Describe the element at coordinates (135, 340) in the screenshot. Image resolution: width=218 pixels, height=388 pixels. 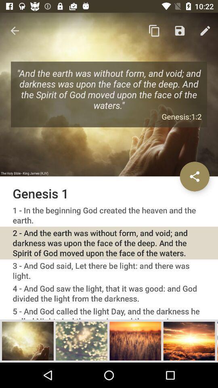
I see `chapter selection` at that location.